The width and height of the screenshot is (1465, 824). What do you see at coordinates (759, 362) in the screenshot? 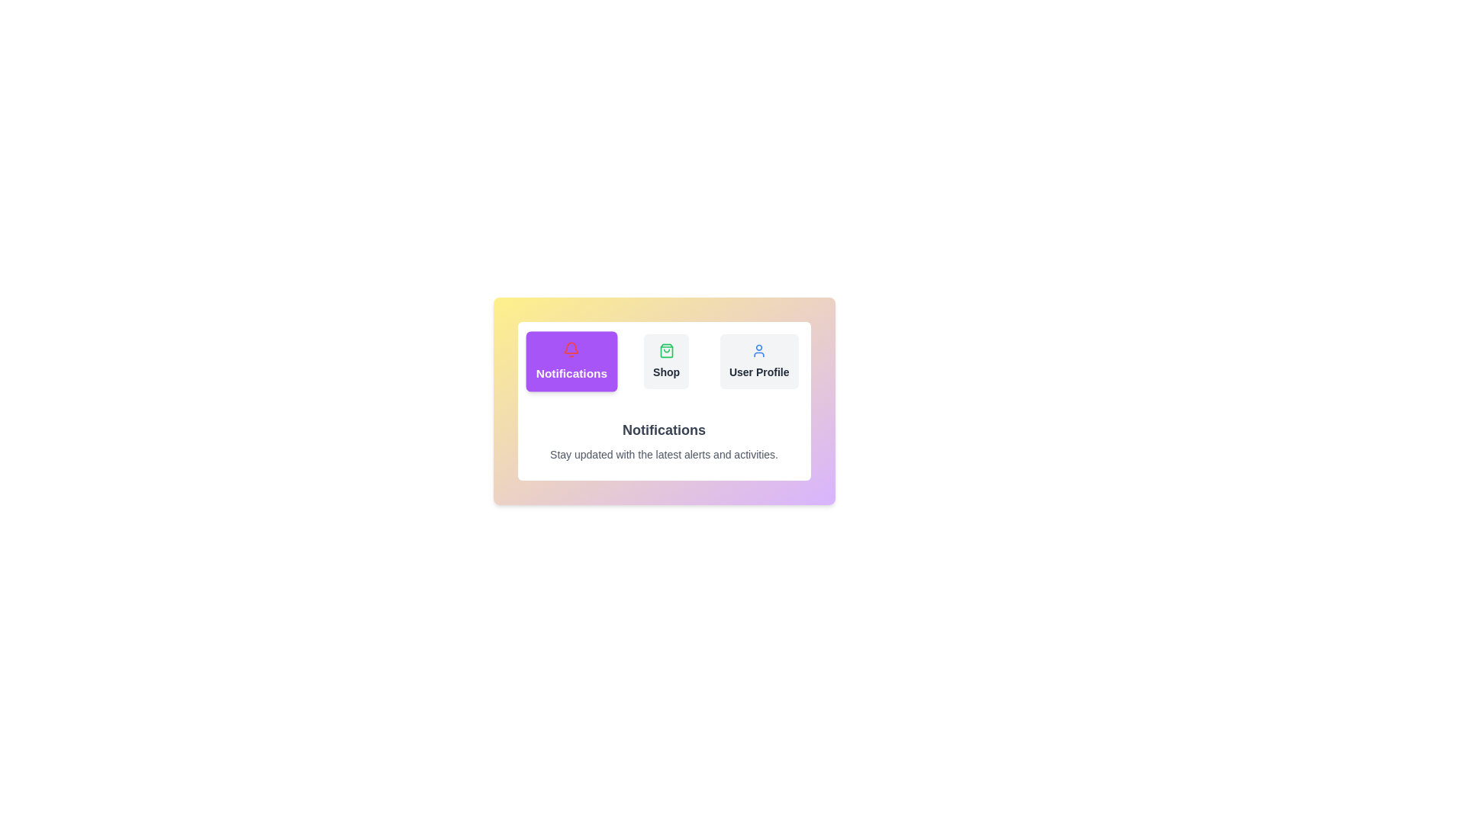
I see `the tab labeled User Profile to switch the active content` at bounding box center [759, 362].